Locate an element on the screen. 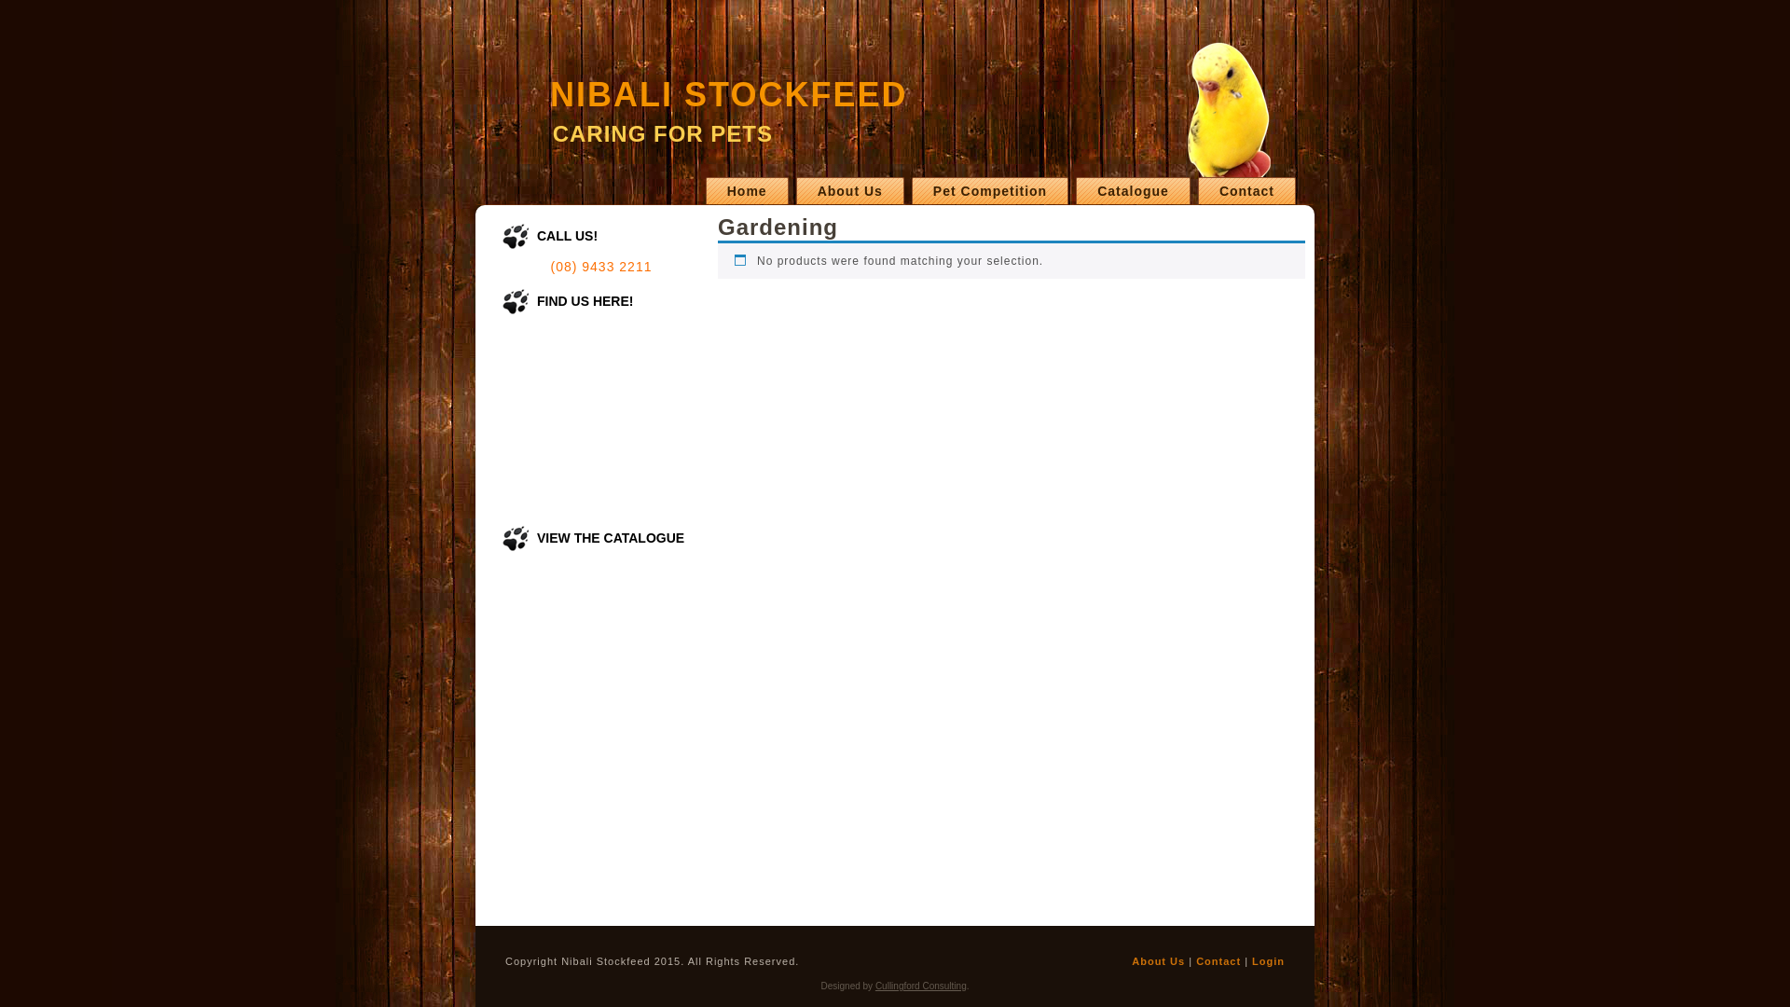  'About Us' is located at coordinates (1157, 960).